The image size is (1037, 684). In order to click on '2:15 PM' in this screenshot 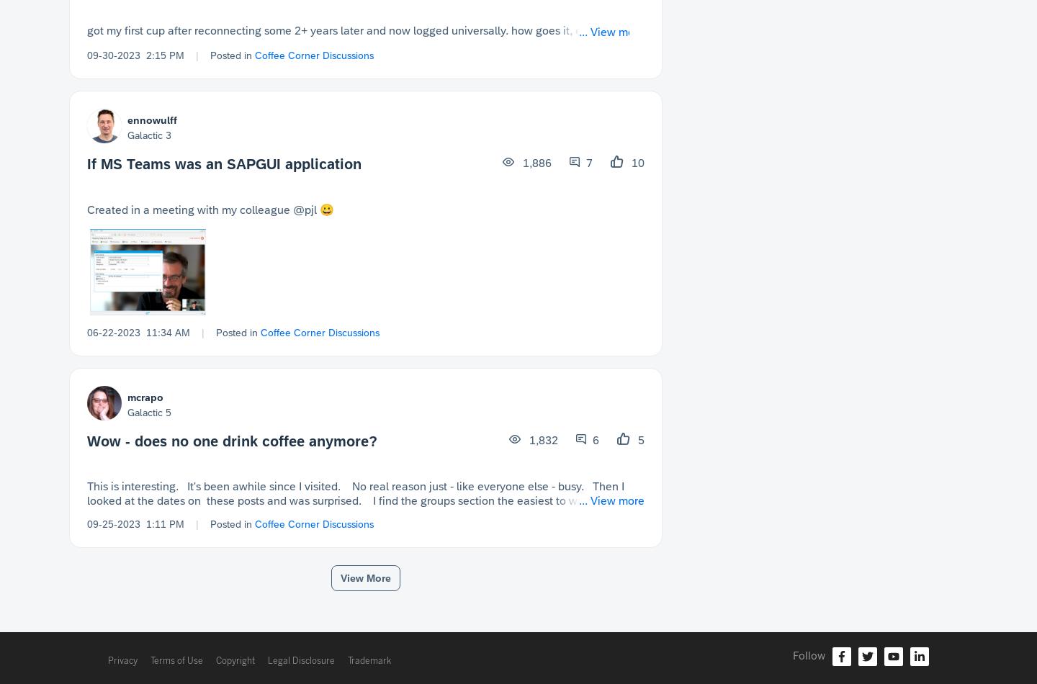, I will do `click(165, 55)`.